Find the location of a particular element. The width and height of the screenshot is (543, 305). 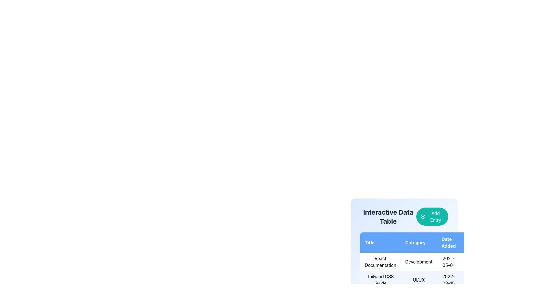

the 'Add Entry' button located on the right side of the header 'Interactive Data Table' to initiate adding a new entry is located at coordinates (404, 216).